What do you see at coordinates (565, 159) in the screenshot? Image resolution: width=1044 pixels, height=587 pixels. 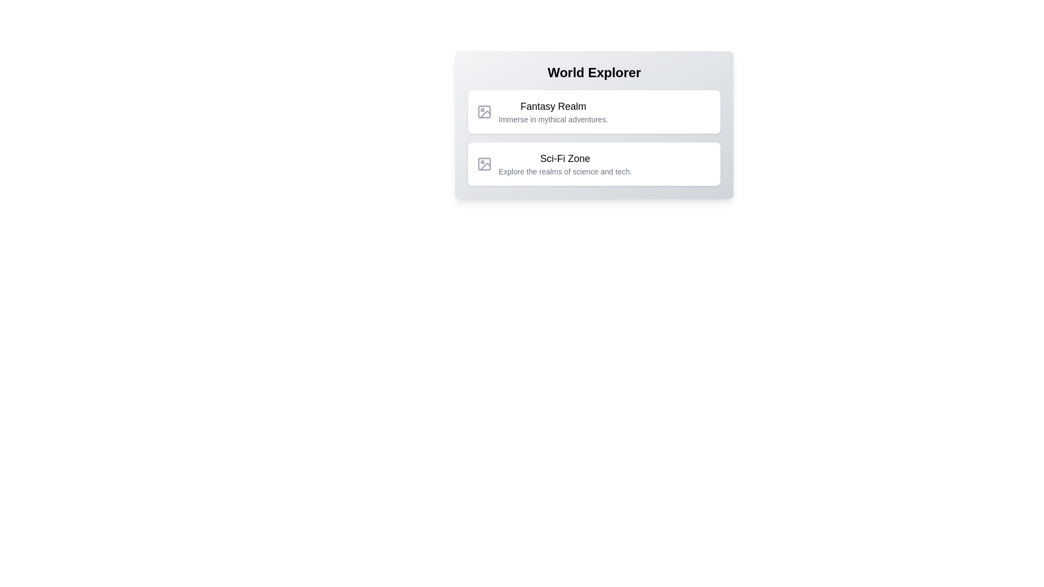 I see `the text label displaying 'Sci-Fi Zone'` at bounding box center [565, 159].